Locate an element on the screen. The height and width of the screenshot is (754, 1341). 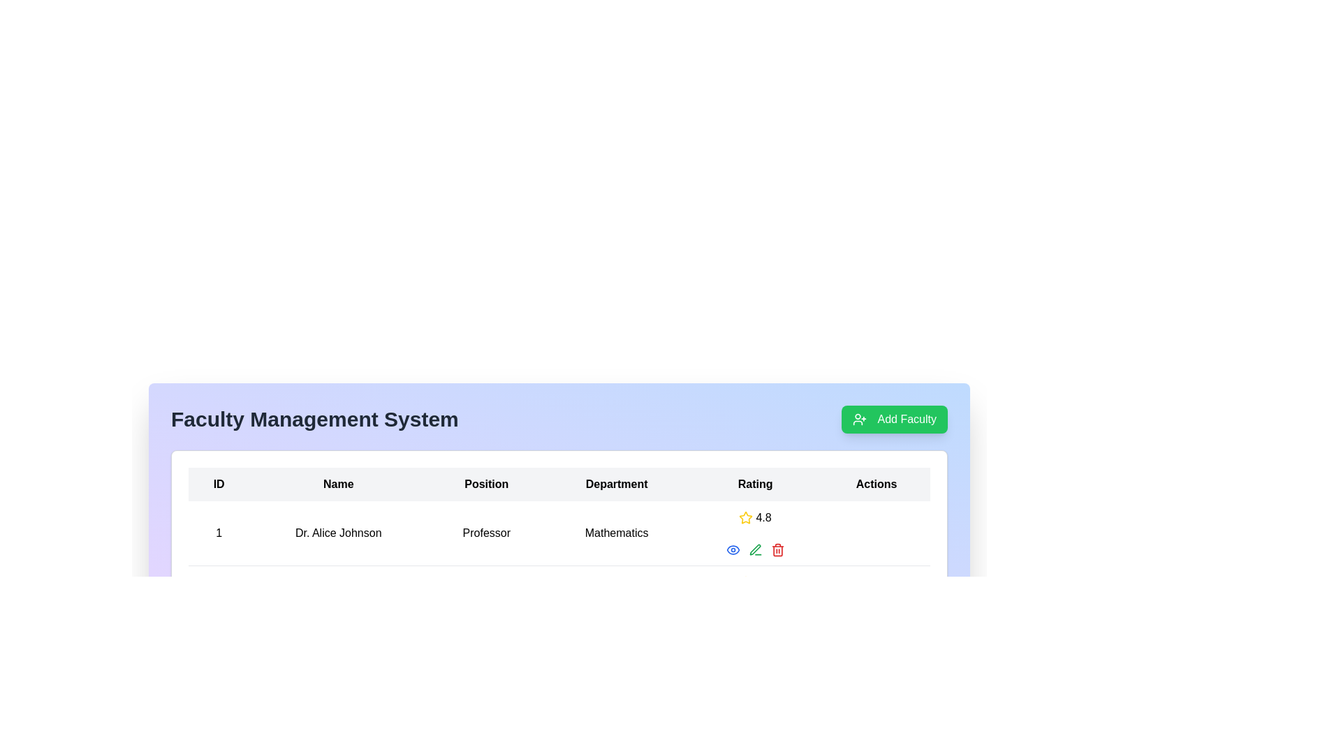
the delete IconButton located in the 'Actions' column of the first row of the data table to initiate a delete action is located at coordinates (777, 550).